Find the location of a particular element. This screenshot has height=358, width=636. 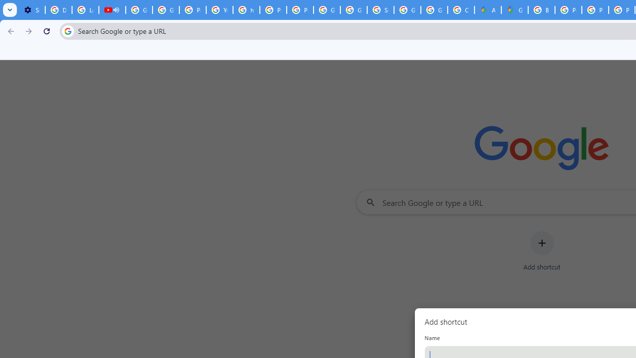

'https://scholar.google.com/' is located at coordinates (246, 10).